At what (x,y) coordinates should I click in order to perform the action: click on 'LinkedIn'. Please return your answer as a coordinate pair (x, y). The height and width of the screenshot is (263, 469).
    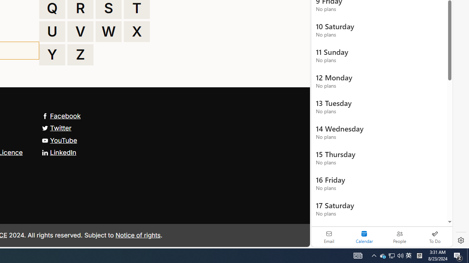
    Looking at the image, I should click on (59, 152).